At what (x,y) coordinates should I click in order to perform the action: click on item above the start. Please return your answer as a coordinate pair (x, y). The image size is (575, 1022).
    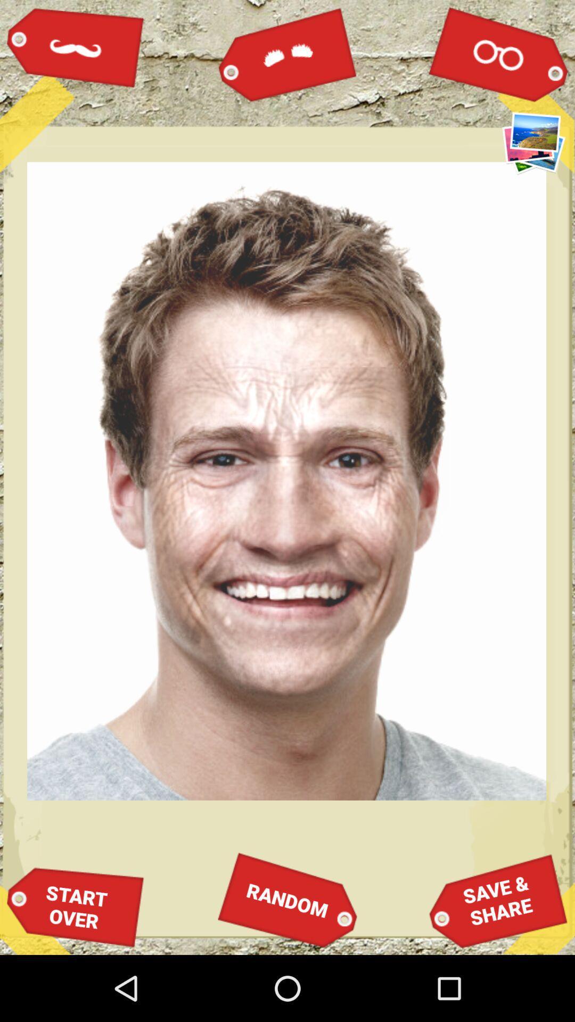
    Looking at the image, I should click on (75, 47).